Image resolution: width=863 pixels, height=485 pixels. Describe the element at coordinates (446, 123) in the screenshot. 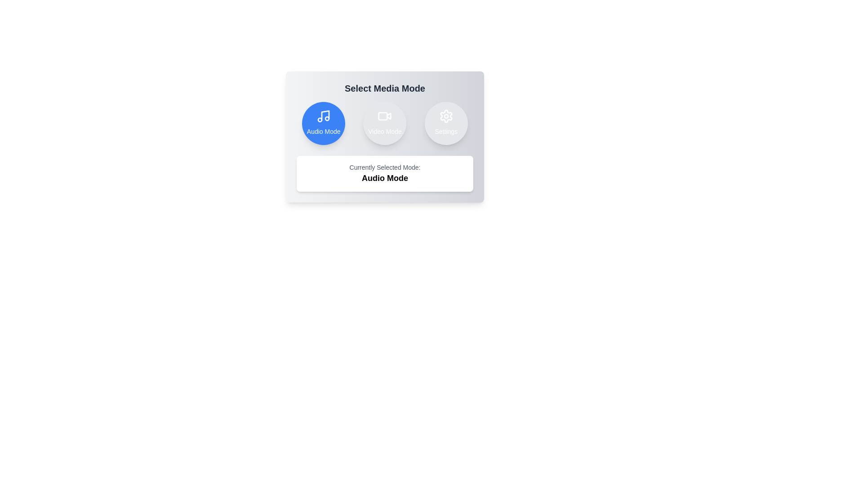

I see `the button corresponding to settings` at that location.